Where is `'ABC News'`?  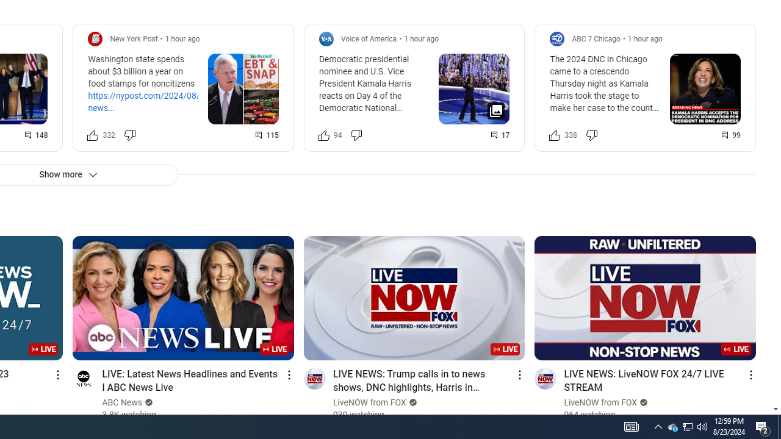 'ABC News' is located at coordinates (122, 402).